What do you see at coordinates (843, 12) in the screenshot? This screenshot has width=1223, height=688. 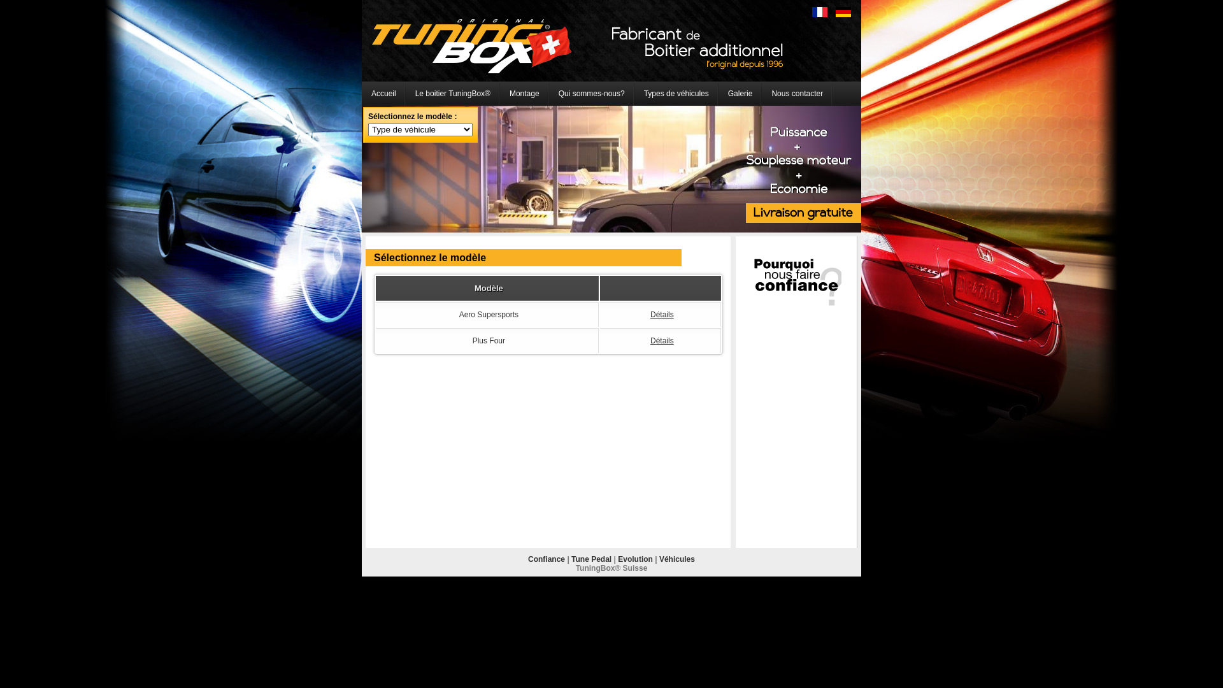 I see `'Deutsch'` at bounding box center [843, 12].